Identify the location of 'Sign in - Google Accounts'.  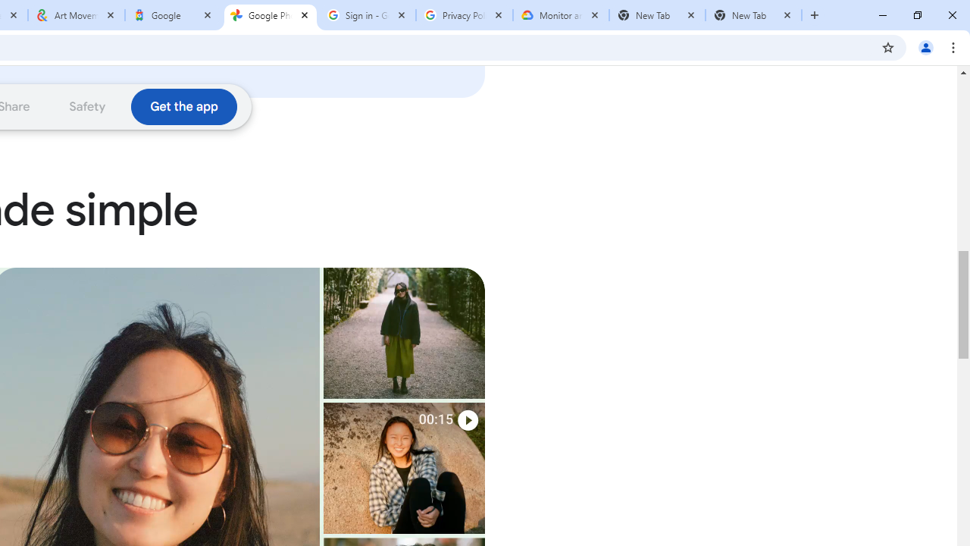
(368, 15).